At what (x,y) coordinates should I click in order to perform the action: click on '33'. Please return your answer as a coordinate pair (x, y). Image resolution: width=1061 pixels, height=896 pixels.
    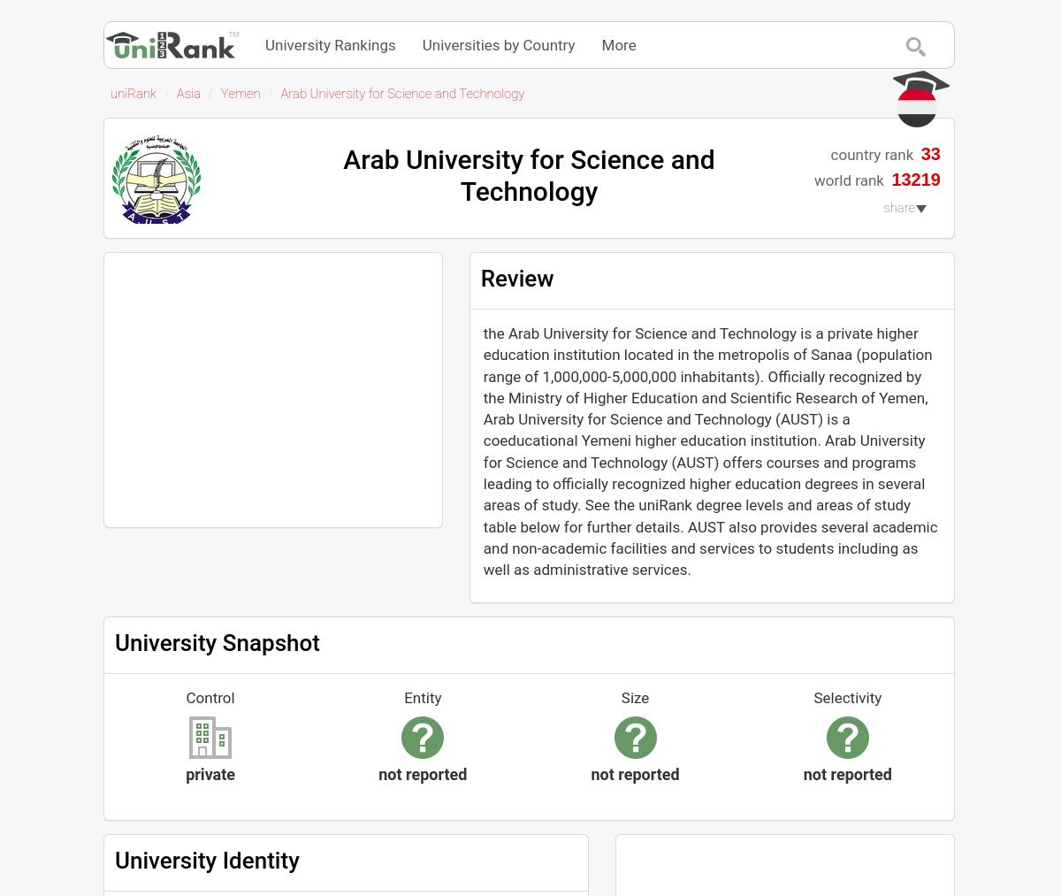
    Looking at the image, I should click on (929, 154).